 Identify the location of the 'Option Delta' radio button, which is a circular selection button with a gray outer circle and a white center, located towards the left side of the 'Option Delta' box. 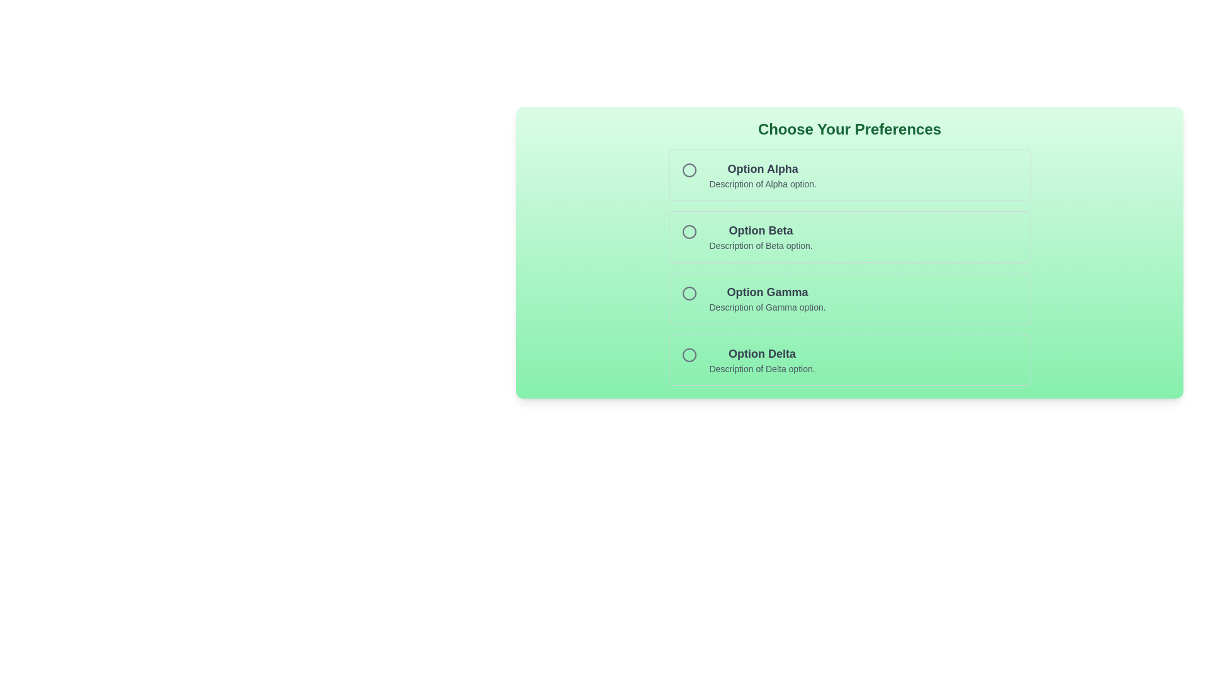
(688, 355).